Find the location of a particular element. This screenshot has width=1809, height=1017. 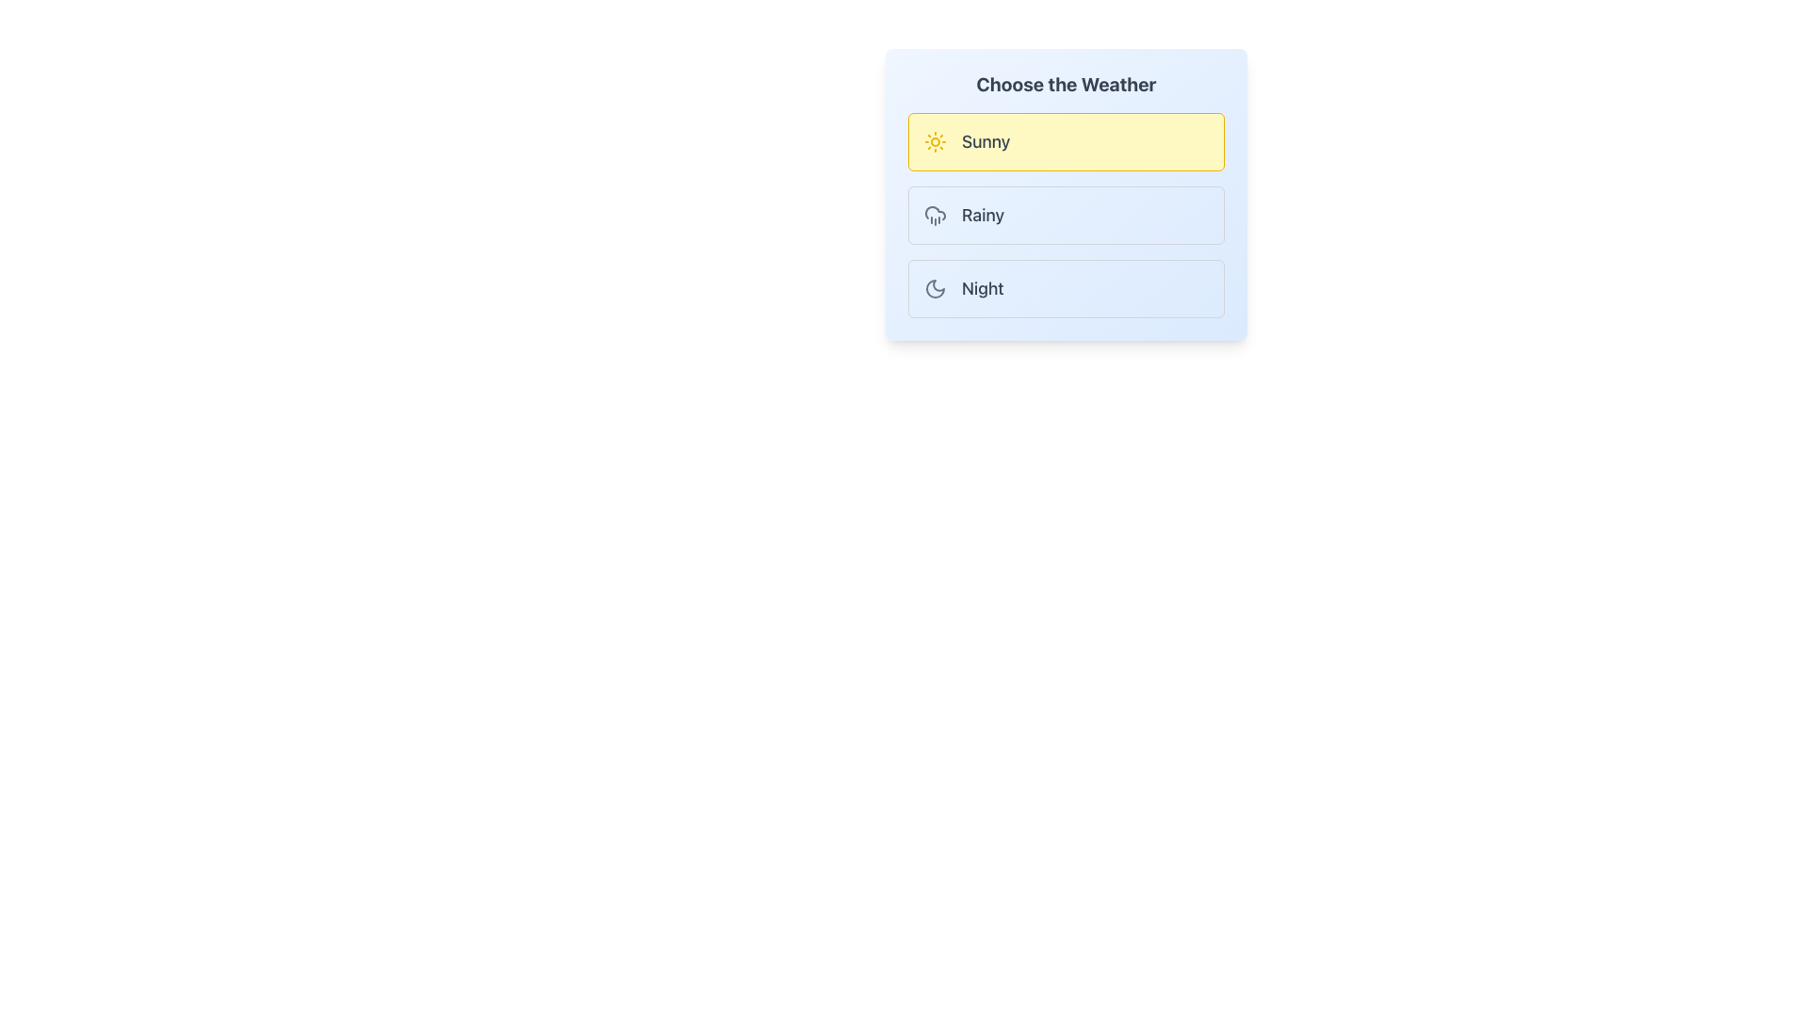

the 'Night' option button located under the 'Choose the Weather' group is located at coordinates (1067, 289).